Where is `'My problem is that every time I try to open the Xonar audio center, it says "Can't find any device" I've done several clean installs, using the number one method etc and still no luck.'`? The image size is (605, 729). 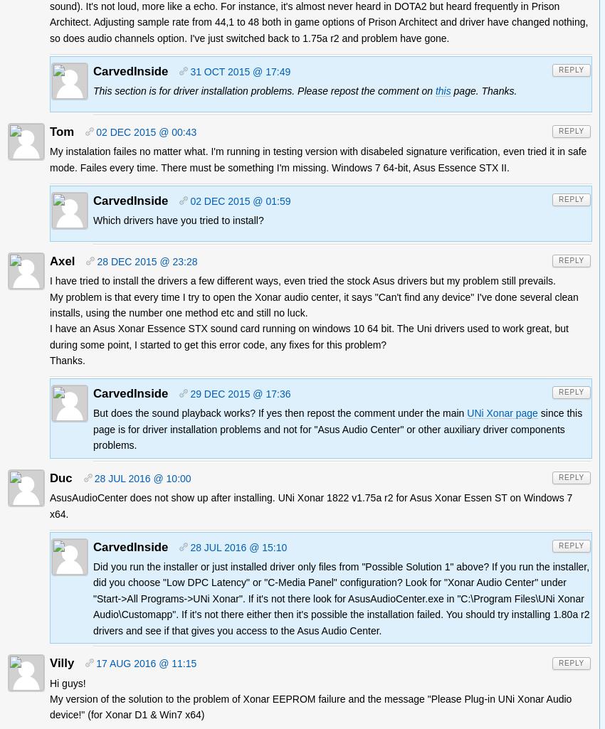
'My problem is that every time I try to open the Xonar audio center, it says "Can't find any device" I've done several clean installs, using the number one method etc and still no luck.' is located at coordinates (312, 304).